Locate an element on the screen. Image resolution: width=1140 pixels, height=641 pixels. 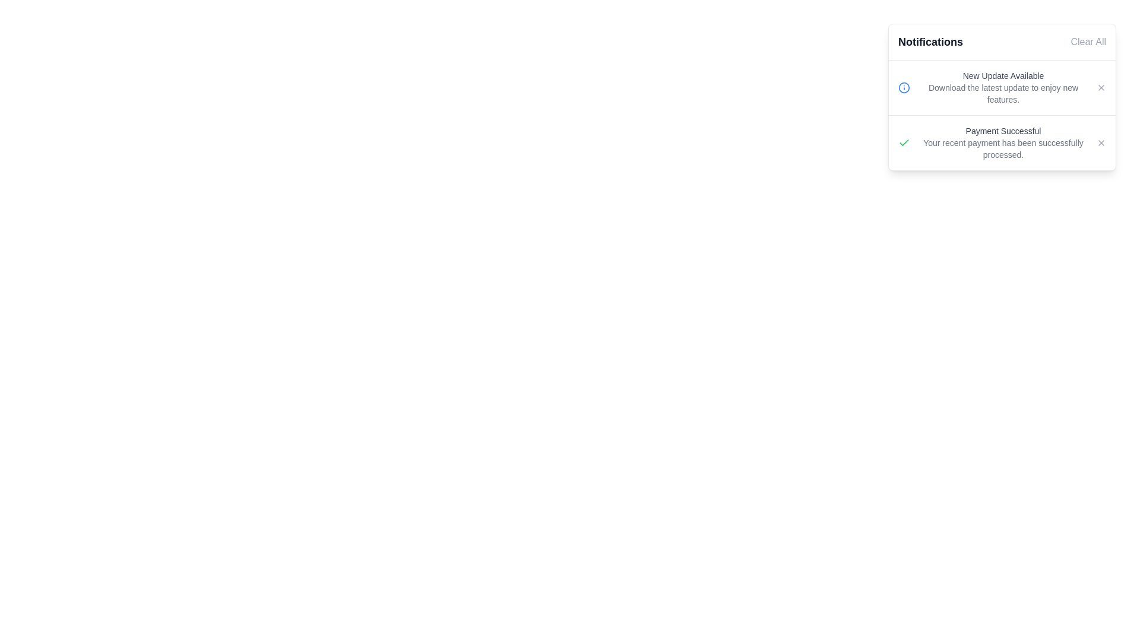
the 'Payment Successful' text element, which is located in the notifications section directly under 'New Update Available.' is located at coordinates (1002, 131).